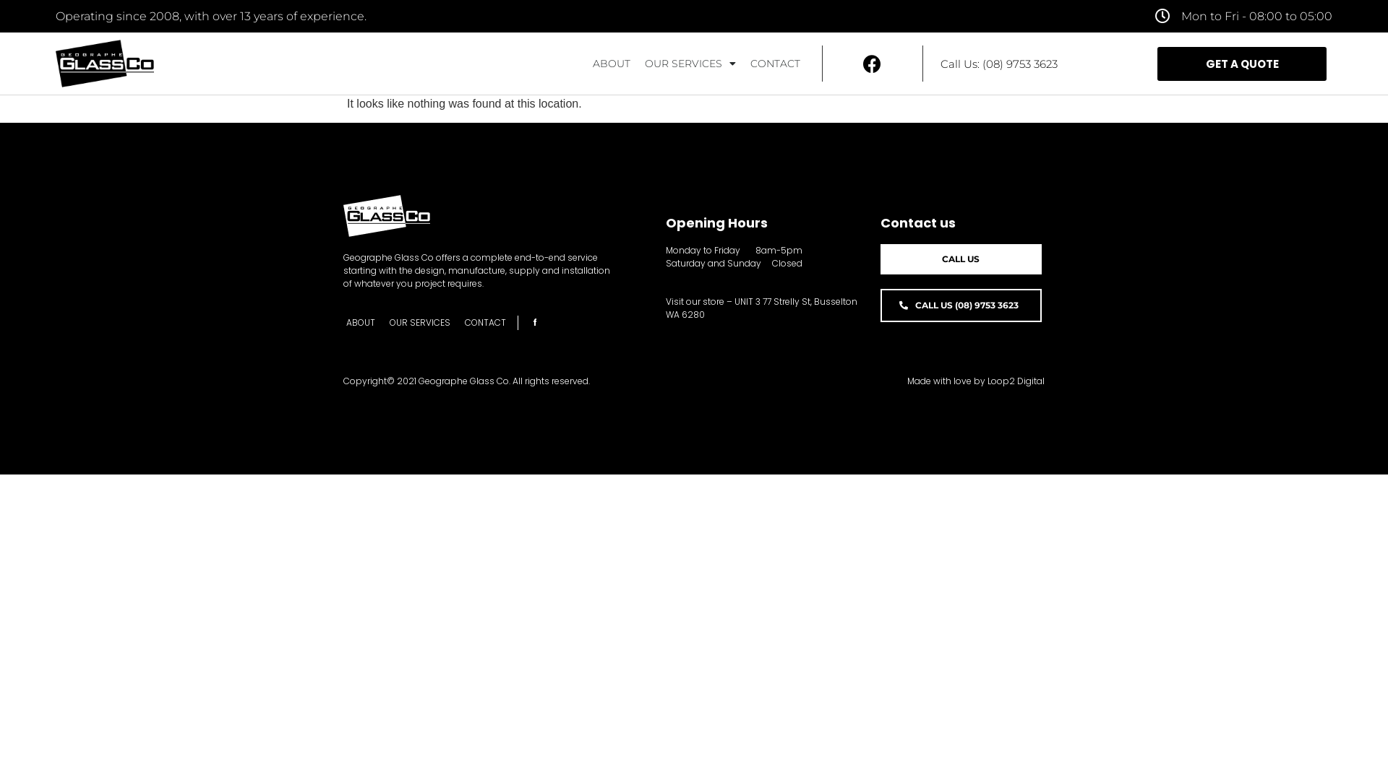  What do you see at coordinates (961, 258) in the screenshot?
I see `'CALL US'` at bounding box center [961, 258].